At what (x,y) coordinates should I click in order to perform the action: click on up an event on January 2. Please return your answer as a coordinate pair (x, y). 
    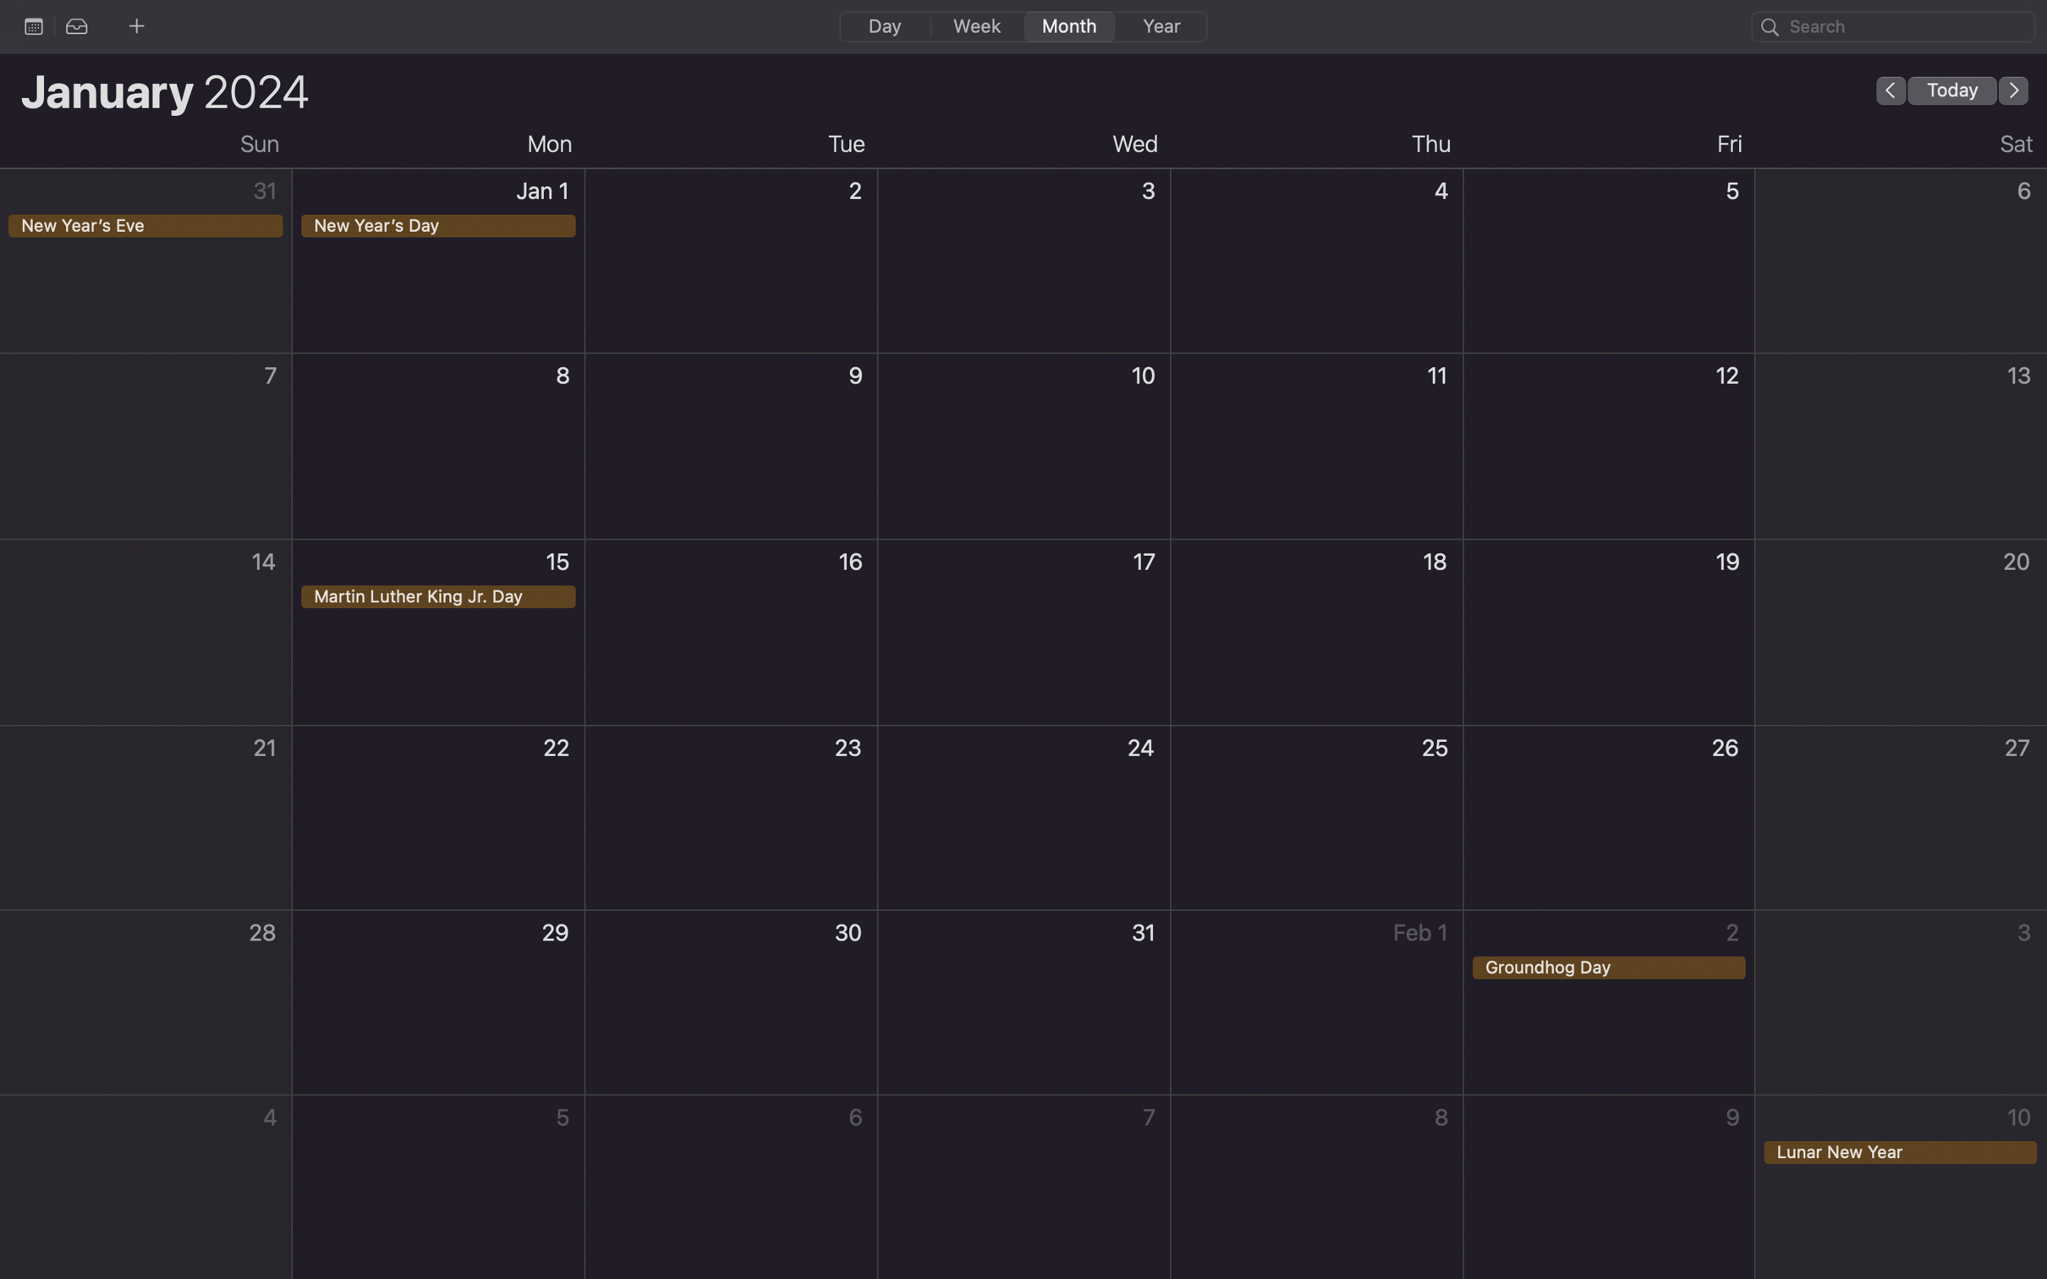
    Looking at the image, I should click on (732, 266).